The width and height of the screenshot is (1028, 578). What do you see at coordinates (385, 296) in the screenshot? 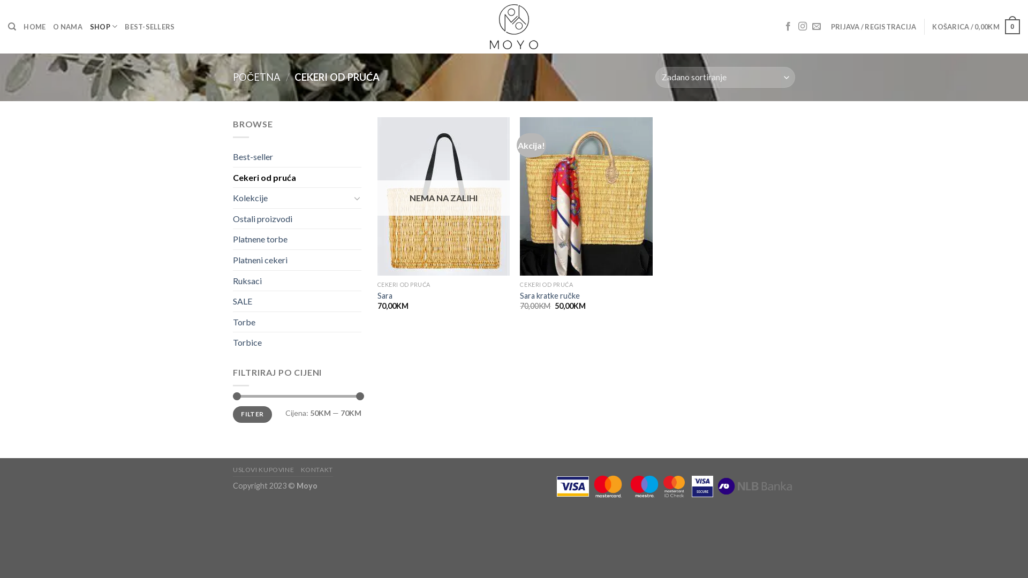
I see `'Sara'` at bounding box center [385, 296].